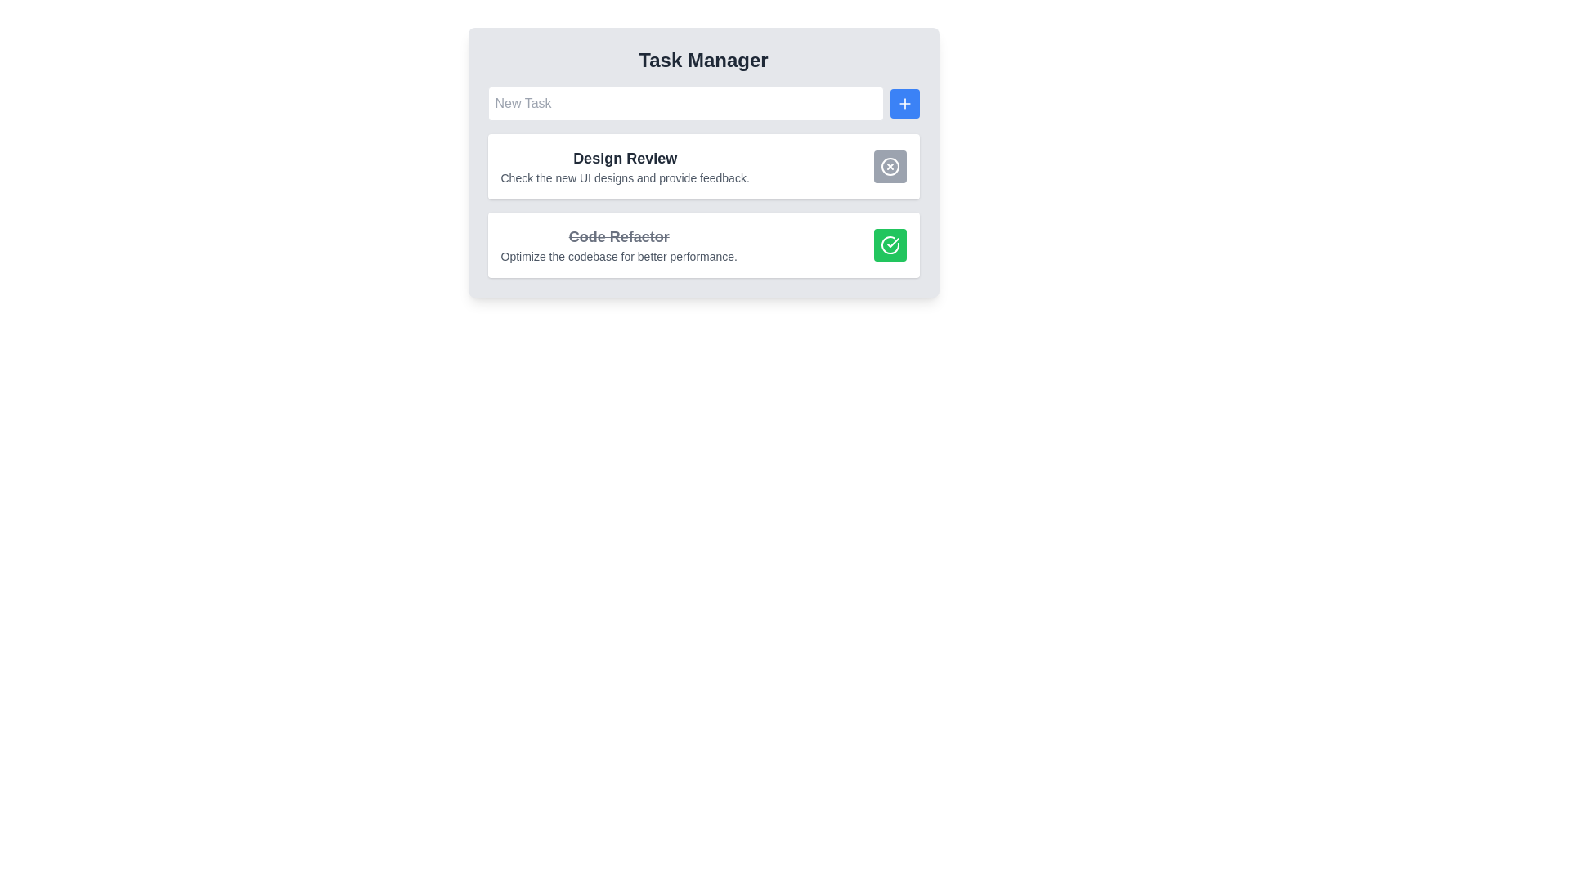 The height and width of the screenshot is (883, 1570). What do you see at coordinates (618, 245) in the screenshot?
I see `the text block titled 'Code Refactor' which is struck-through and gray, containing the description 'Optimize the codebase for better performance'` at bounding box center [618, 245].